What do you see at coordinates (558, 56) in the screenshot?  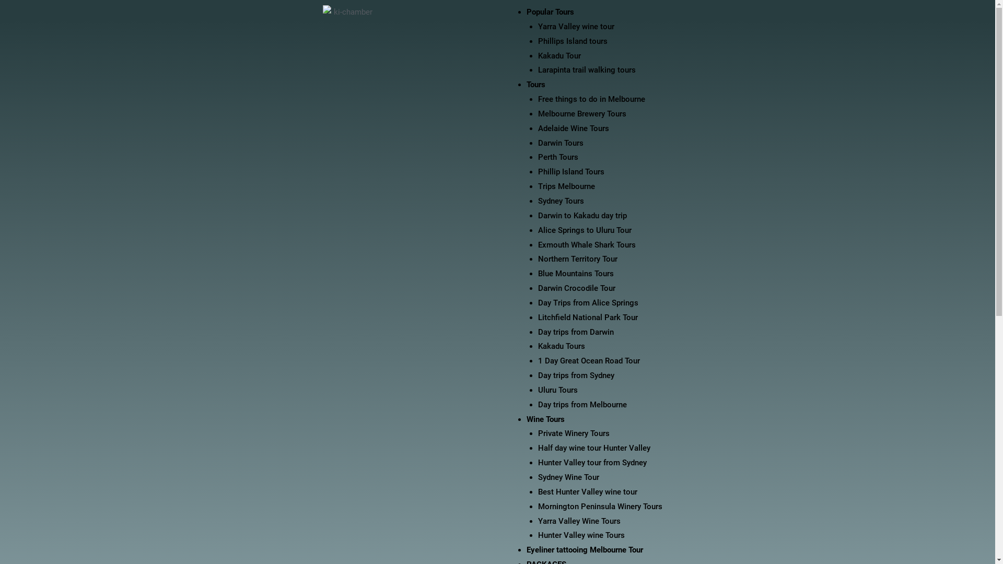 I see `'Kakadu Tour'` at bounding box center [558, 56].